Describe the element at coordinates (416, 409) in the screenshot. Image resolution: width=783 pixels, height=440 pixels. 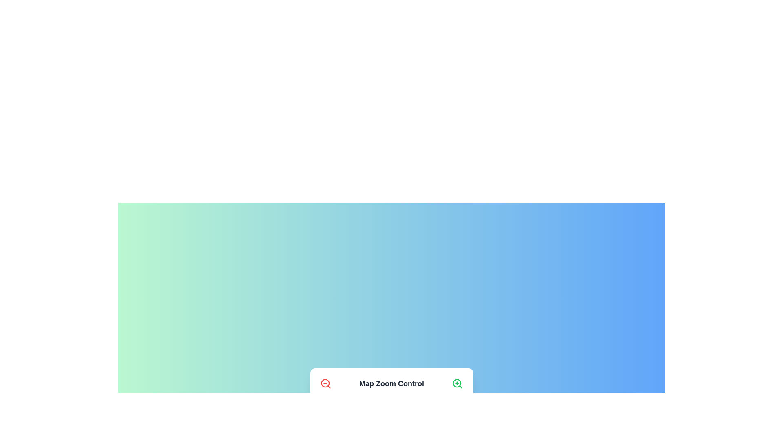
I see `the zoom level to 7 to observe the effect on the map pin representation` at that location.